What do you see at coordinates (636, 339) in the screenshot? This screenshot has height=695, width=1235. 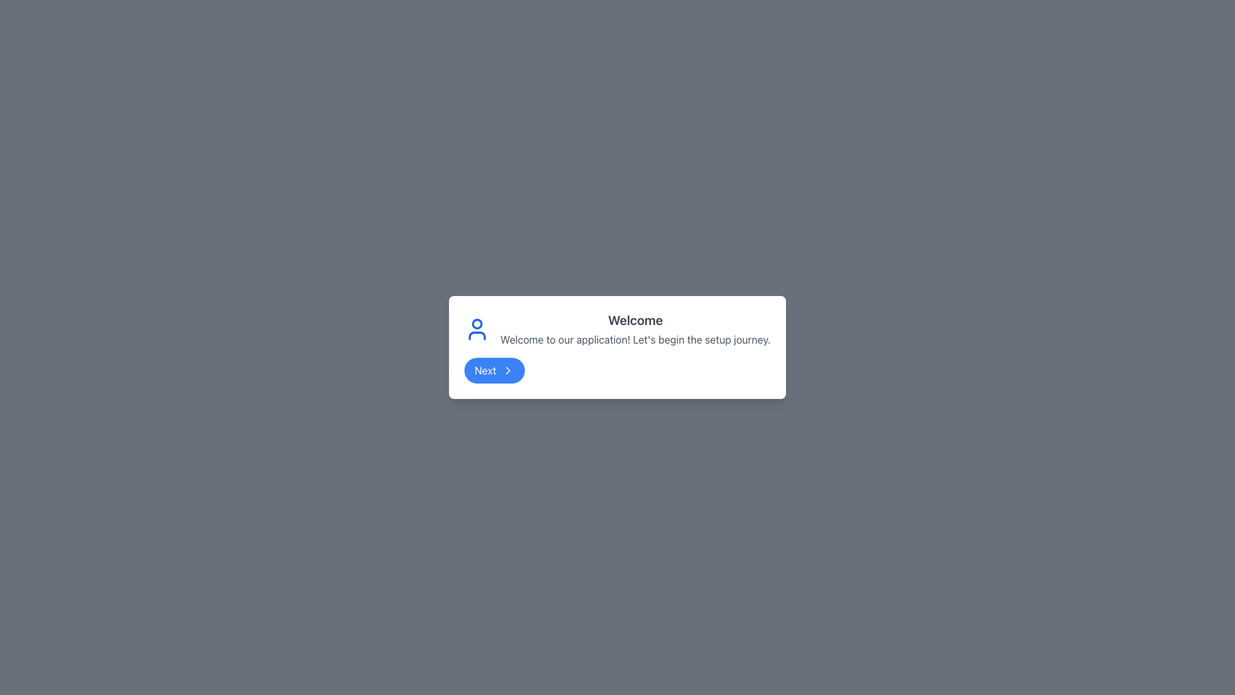 I see `text component displaying 'Welcome to our application! Let's begin the setup journey.' which is the second line within a card component` at bounding box center [636, 339].